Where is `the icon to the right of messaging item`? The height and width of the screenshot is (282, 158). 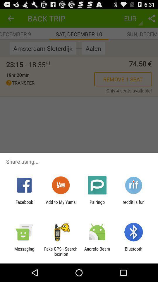 the icon to the right of messaging item is located at coordinates (60, 251).